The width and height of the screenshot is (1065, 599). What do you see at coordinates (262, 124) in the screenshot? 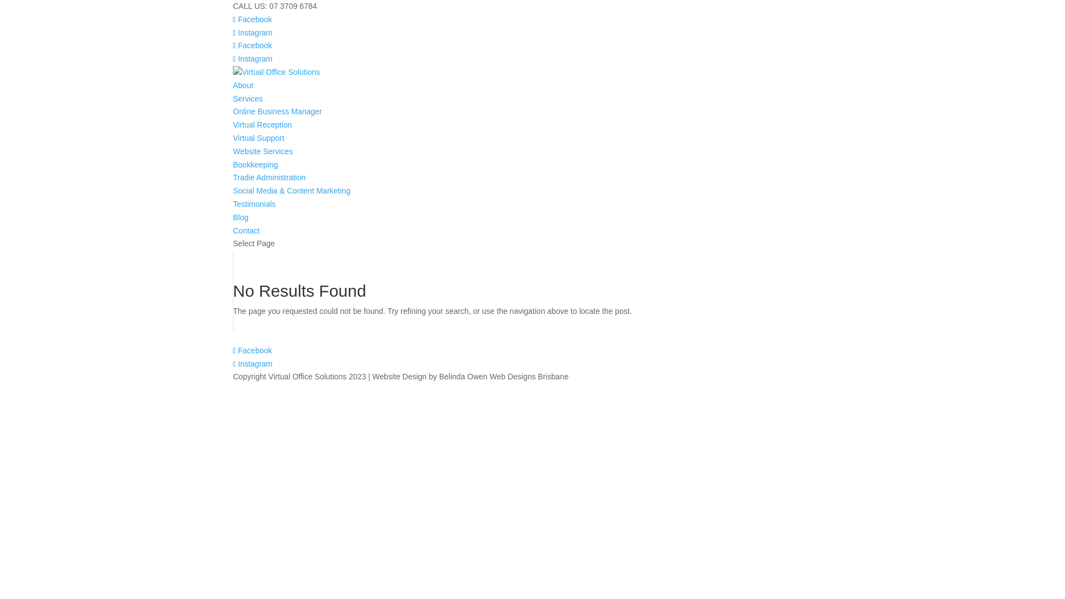
I see `'Virtual Reception'` at bounding box center [262, 124].